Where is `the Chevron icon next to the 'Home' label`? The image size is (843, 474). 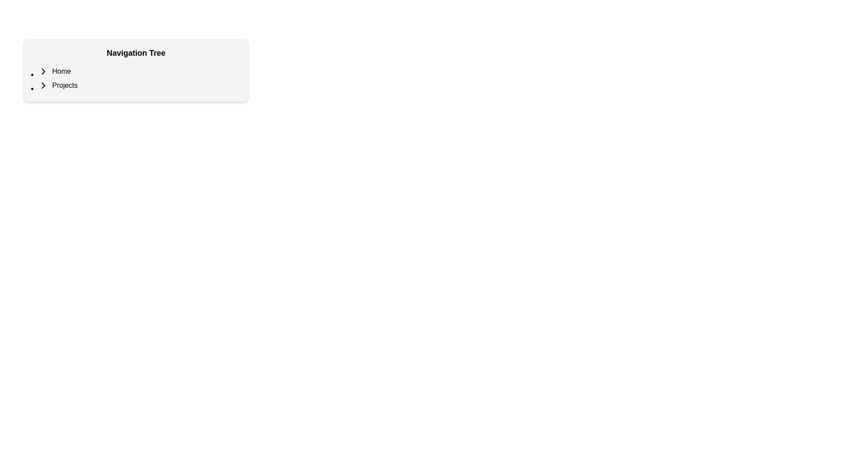 the Chevron icon next to the 'Home' label is located at coordinates (43, 71).